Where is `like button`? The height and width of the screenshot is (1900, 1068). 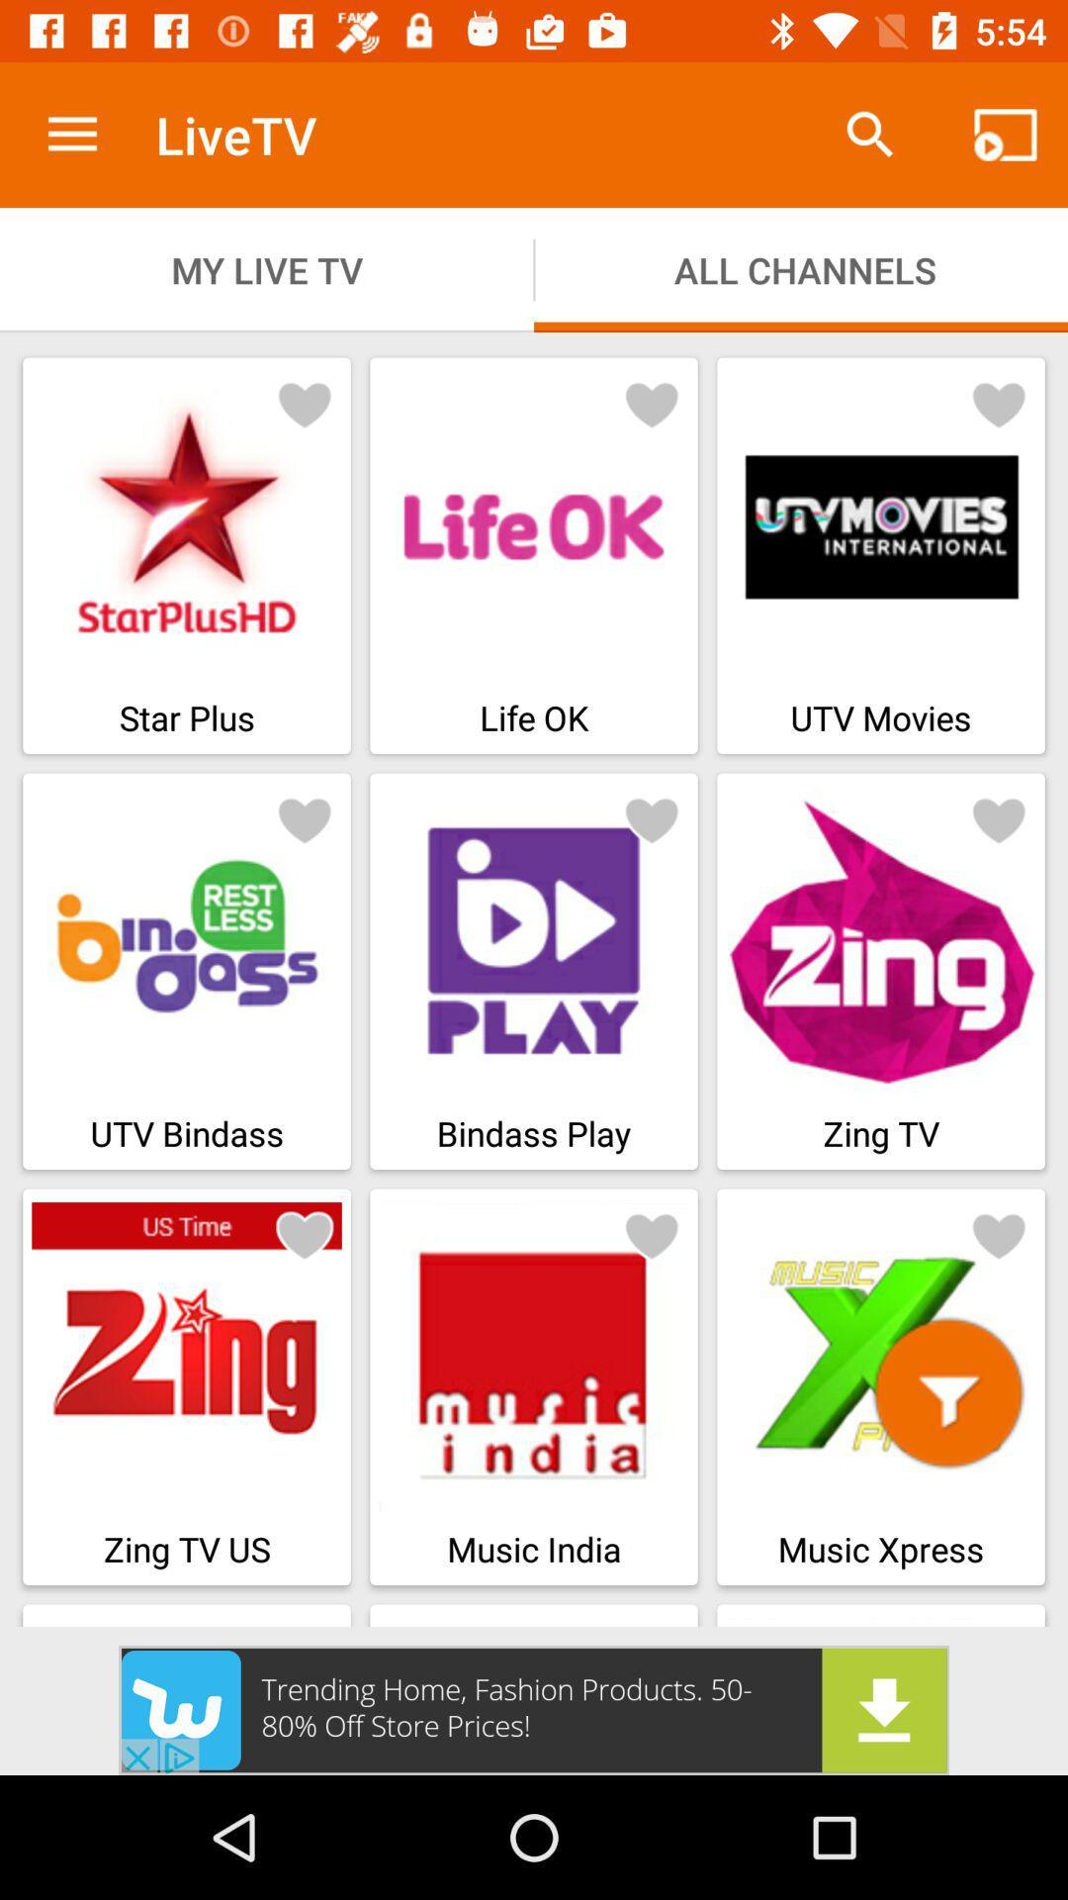
like button is located at coordinates (305, 1234).